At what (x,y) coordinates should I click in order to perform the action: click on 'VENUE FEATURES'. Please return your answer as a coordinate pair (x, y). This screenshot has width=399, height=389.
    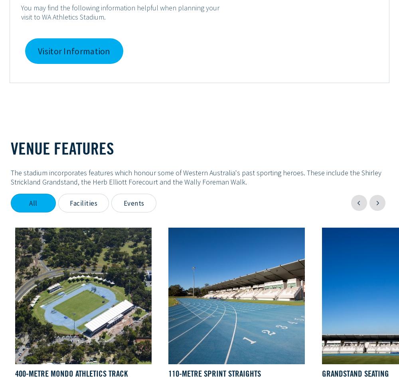
    Looking at the image, I should click on (11, 148).